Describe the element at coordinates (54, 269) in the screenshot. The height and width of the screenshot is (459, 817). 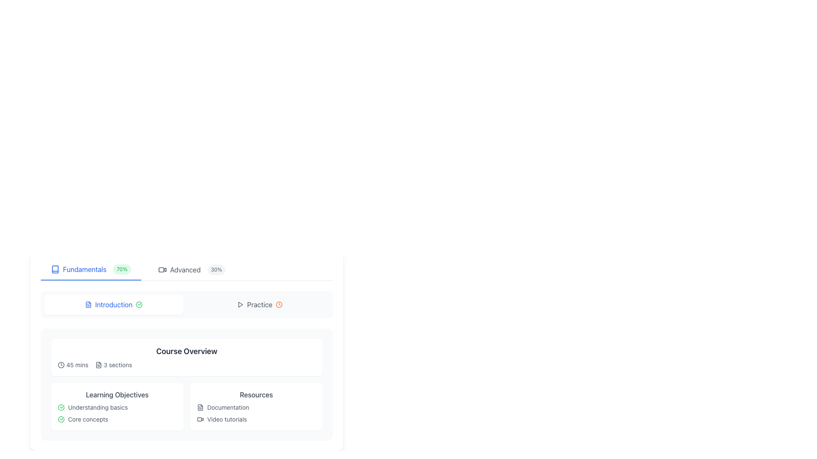
I see `the small outlined book icon located to the left of the text 'Fundamentals' in the section titled 'Fundamentals 70%` at that location.